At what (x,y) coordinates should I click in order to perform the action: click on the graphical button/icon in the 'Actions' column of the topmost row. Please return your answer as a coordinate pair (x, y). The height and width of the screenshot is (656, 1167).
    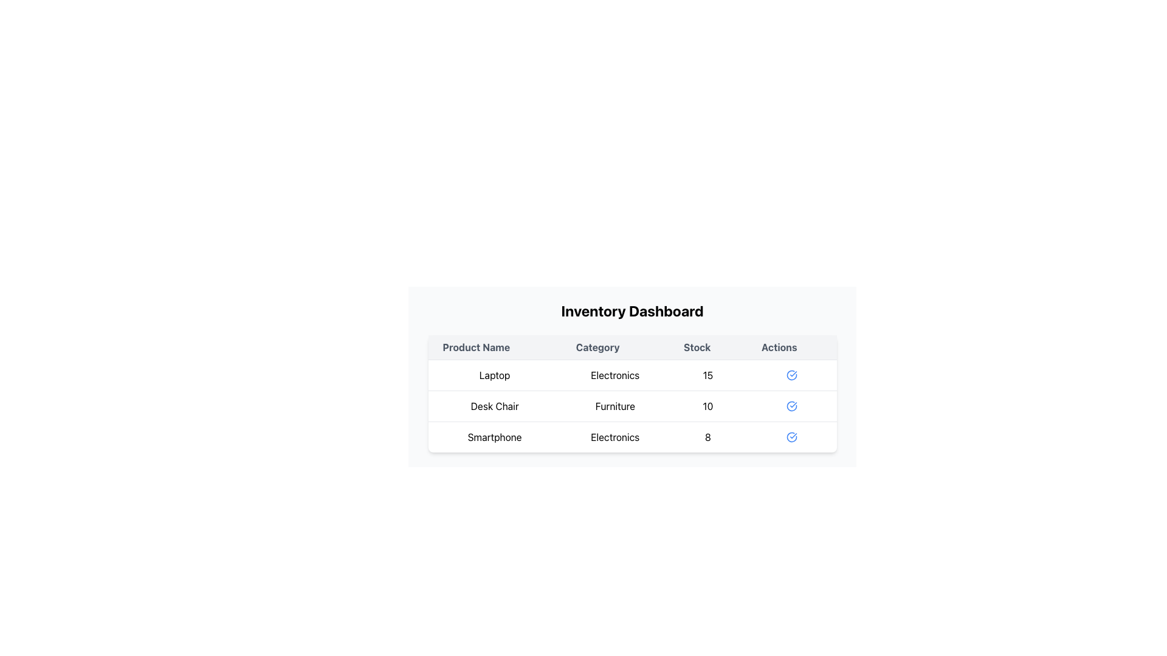
    Looking at the image, I should click on (791, 374).